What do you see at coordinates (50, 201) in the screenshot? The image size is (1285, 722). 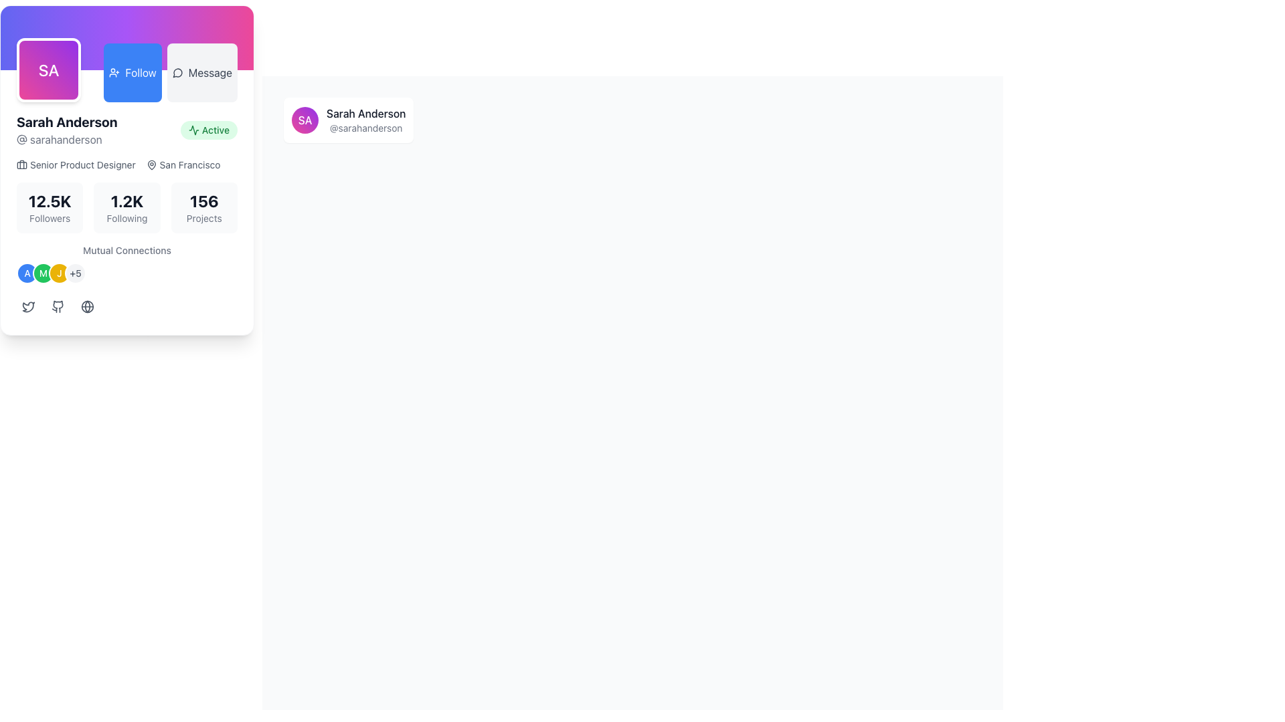 I see `the text label displaying '12.5K' in the 'Followers' section of the profile card, which is bold and large in dark gray or black color` at bounding box center [50, 201].